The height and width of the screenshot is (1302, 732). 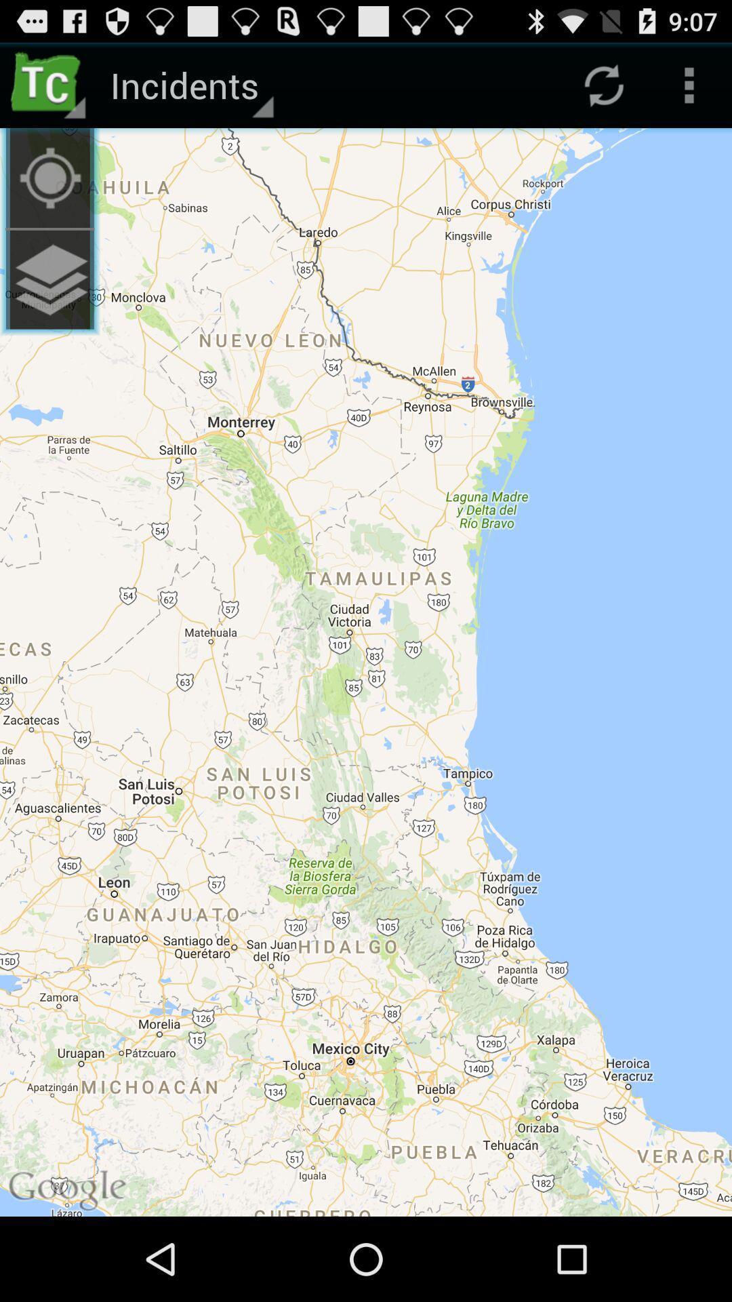 I want to click on the more icon, so click(x=689, y=90).